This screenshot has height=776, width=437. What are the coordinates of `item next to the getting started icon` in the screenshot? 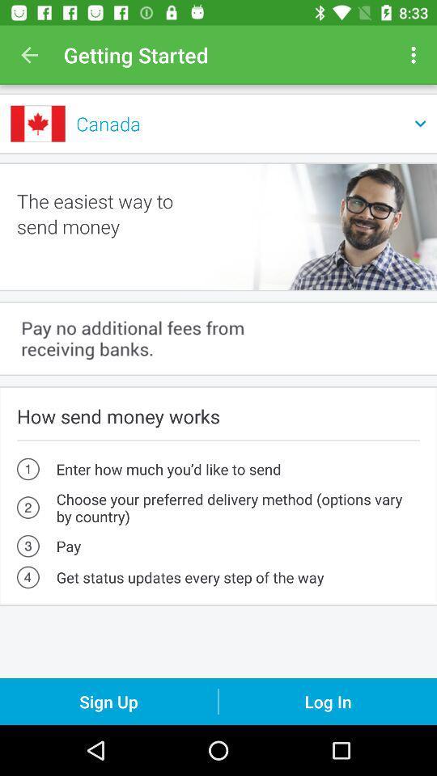 It's located at (415, 55).